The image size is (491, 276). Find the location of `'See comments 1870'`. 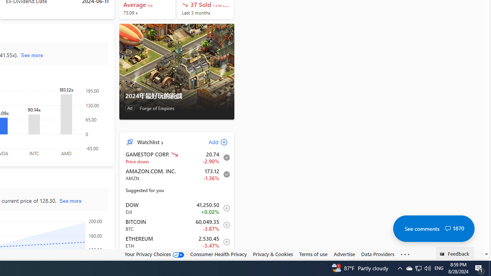

'See comments 1870' is located at coordinates (433, 228).